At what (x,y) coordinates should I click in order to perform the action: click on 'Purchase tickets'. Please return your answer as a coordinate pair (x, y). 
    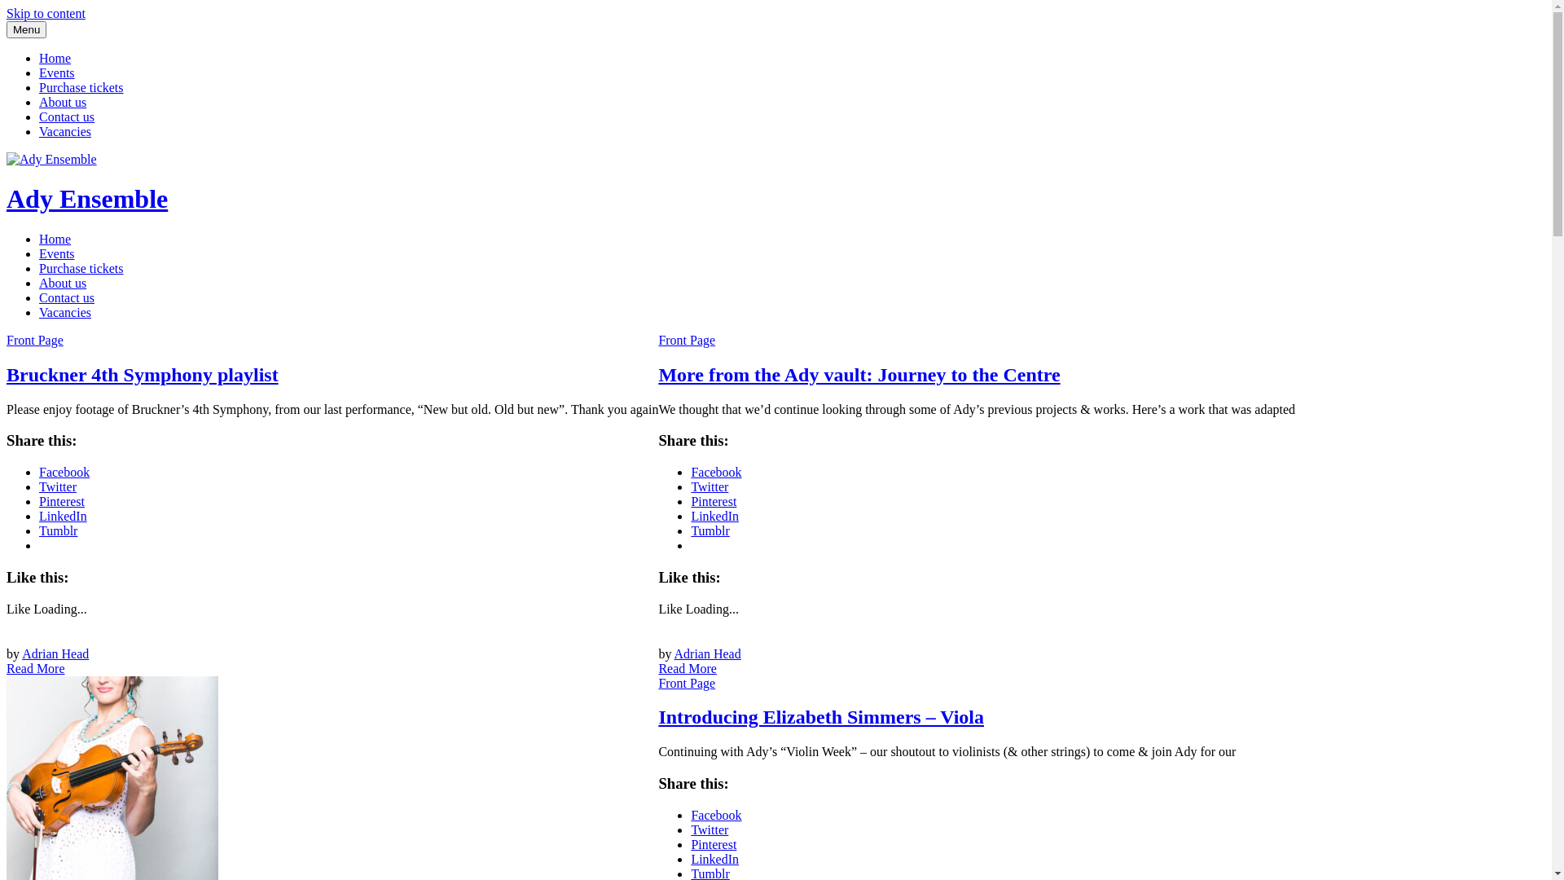
    Looking at the image, I should click on (81, 267).